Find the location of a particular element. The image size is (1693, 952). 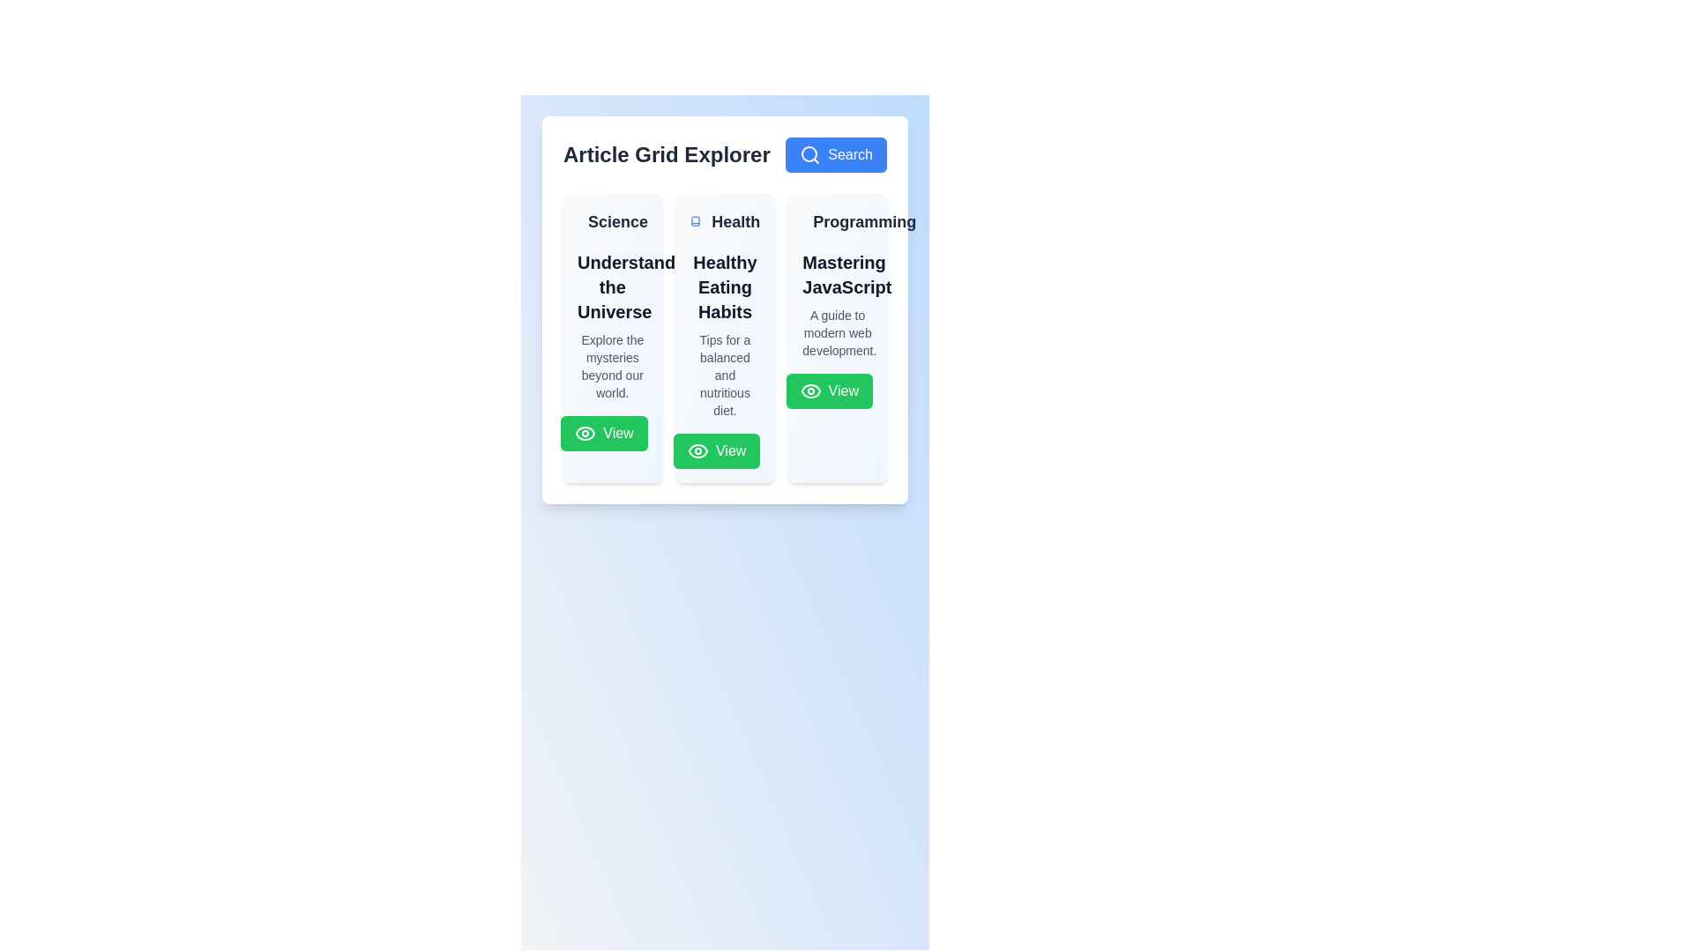

the text label that categorizes the content of the card as 'Science', located at the top-left corner of the first card, above the title 'Understand the Universe' is located at coordinates (617, 220).